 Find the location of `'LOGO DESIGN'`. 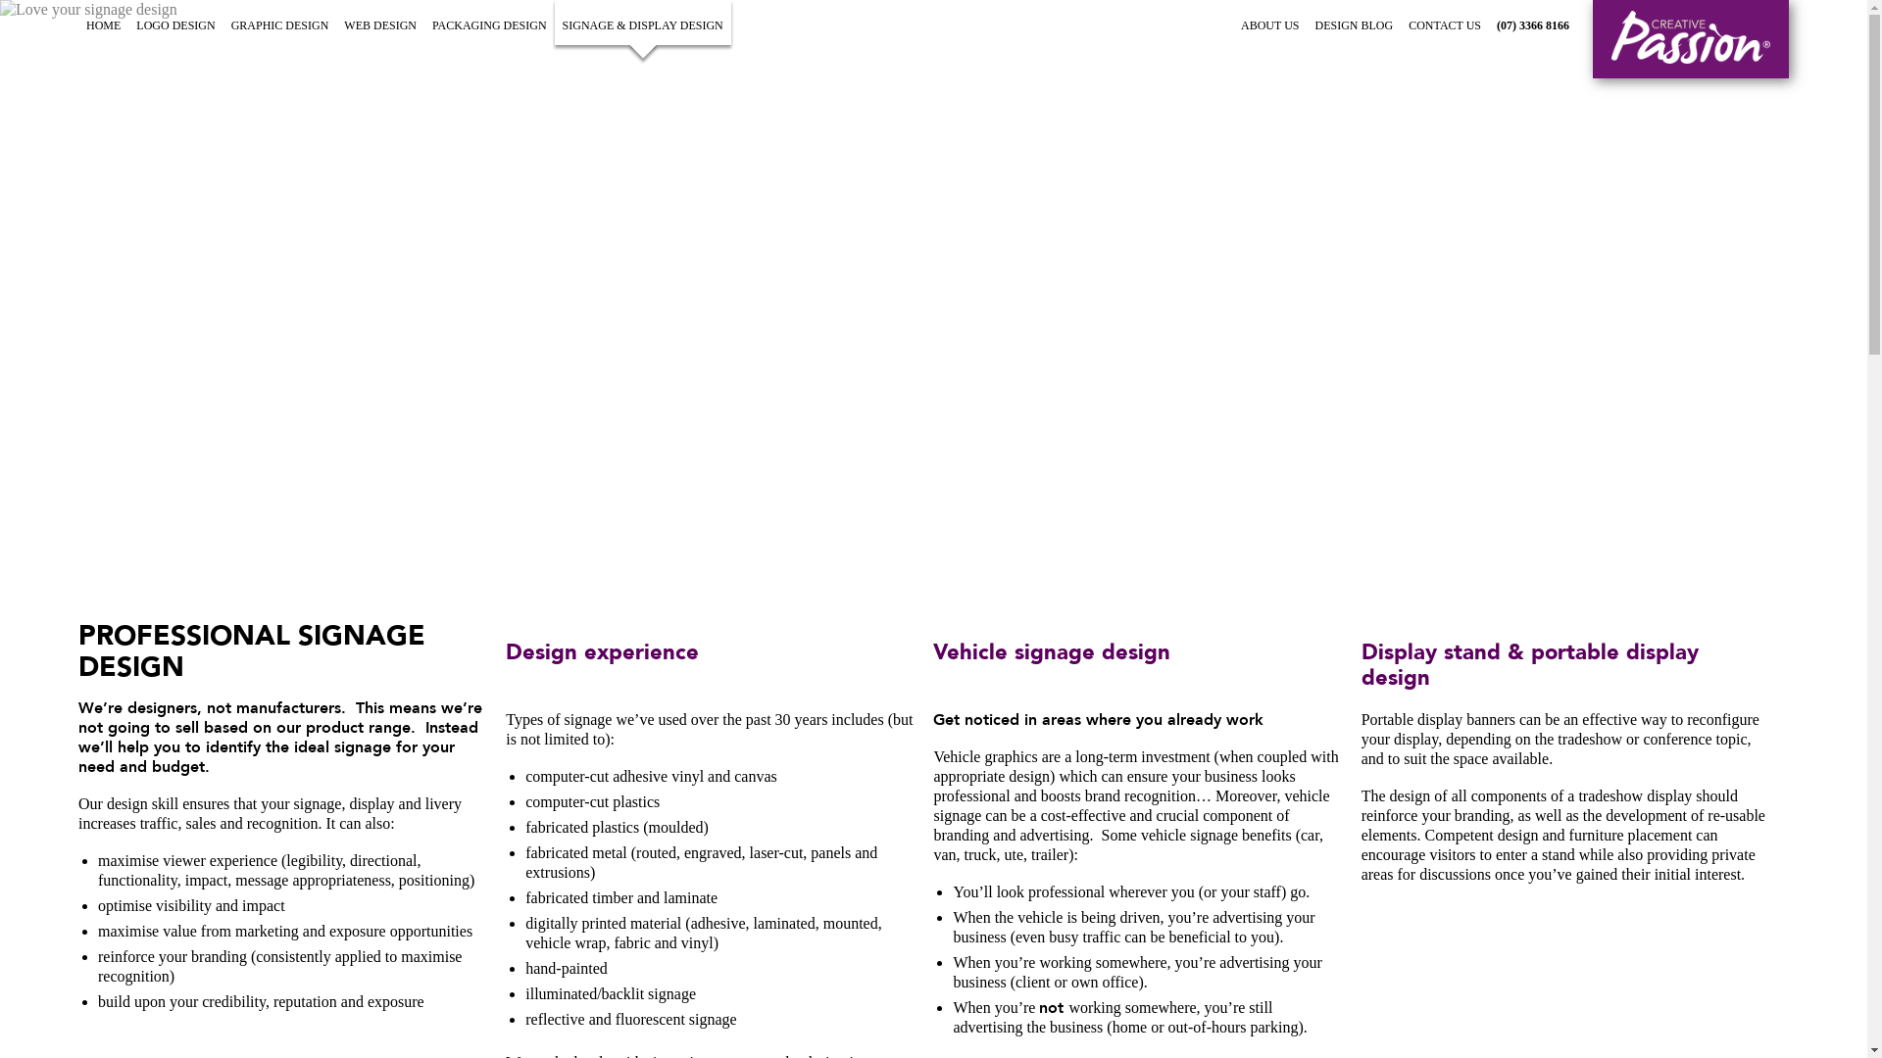

'LOGO DESIGN' is located at coordinates (174, 23).